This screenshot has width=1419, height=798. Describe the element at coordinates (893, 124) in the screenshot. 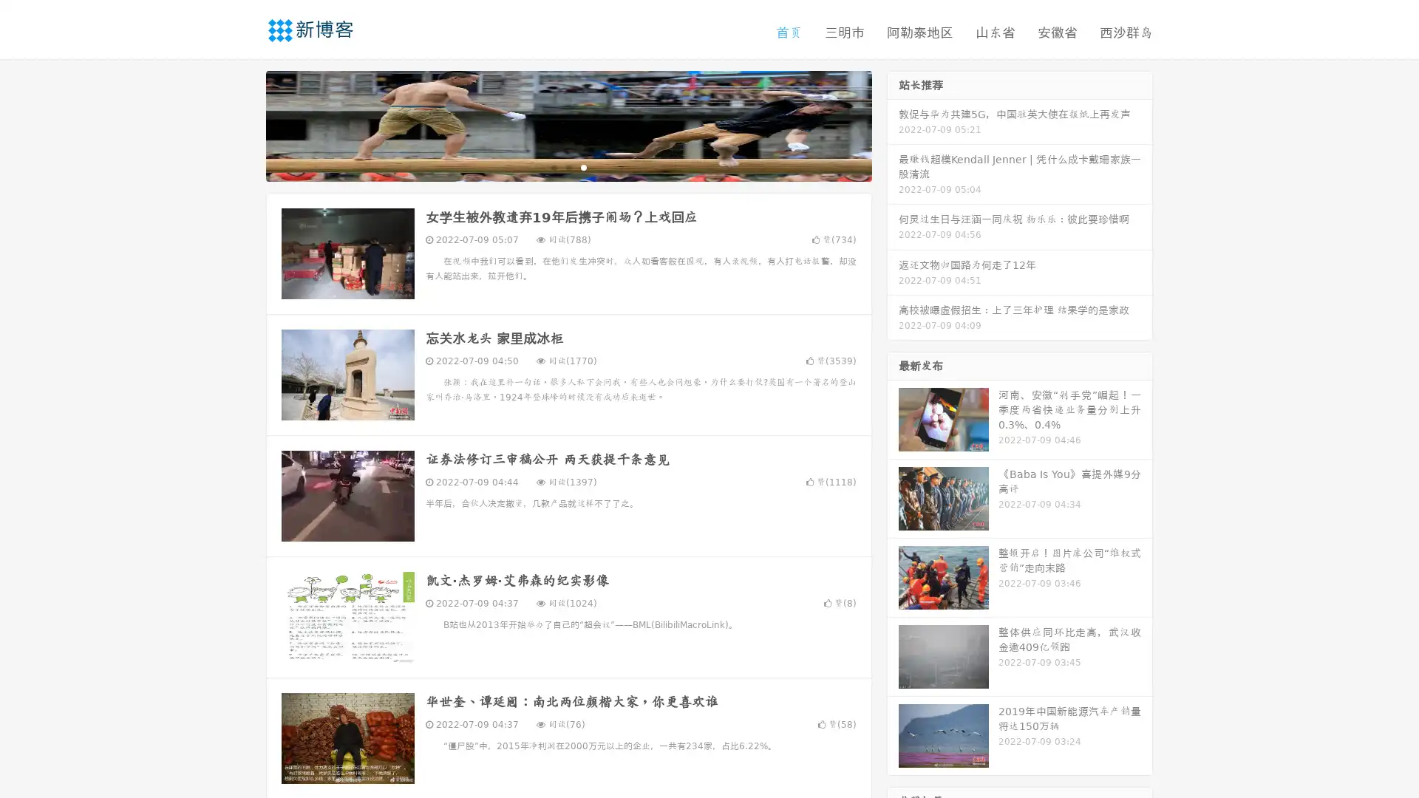

I see `Next slide` at that location.